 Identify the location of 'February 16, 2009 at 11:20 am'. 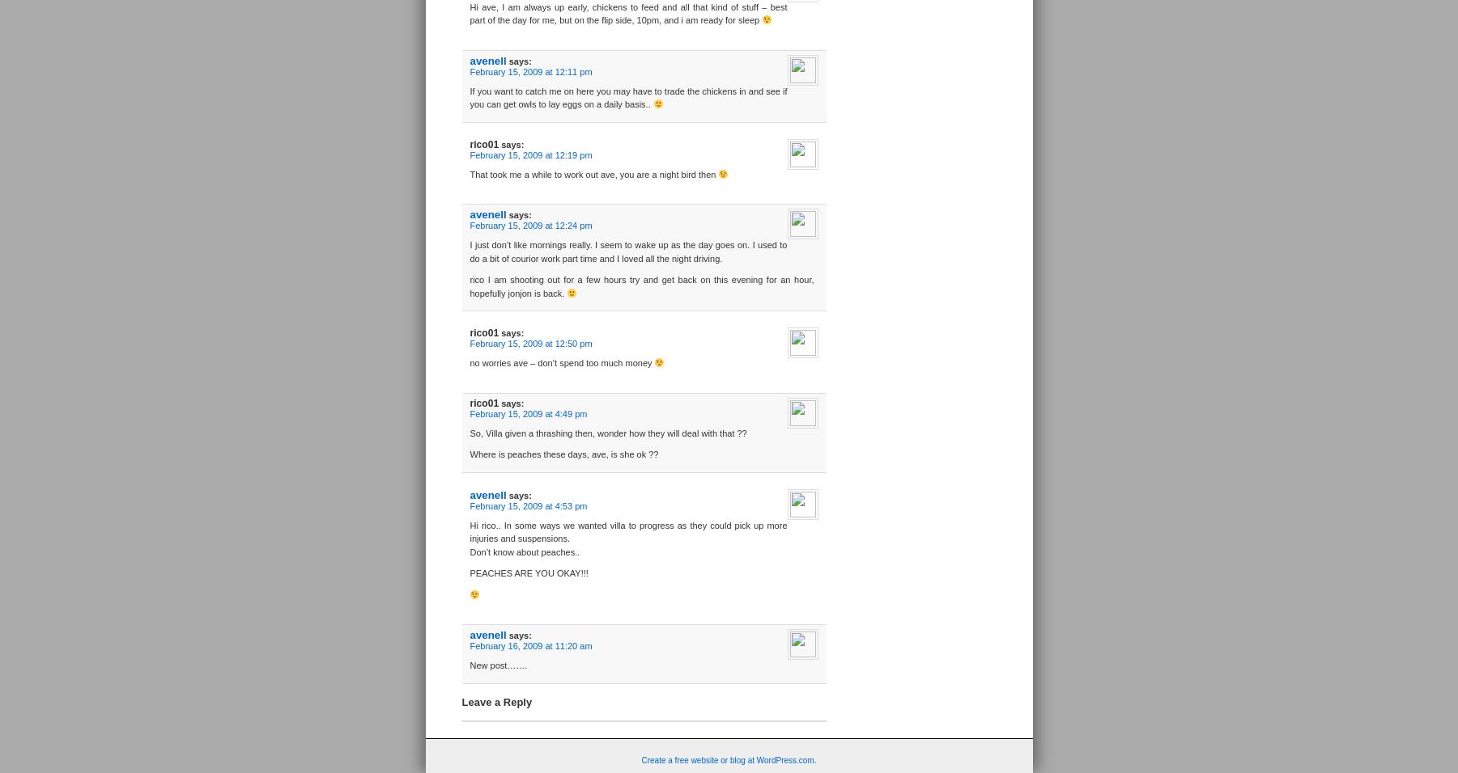
(469, 645).